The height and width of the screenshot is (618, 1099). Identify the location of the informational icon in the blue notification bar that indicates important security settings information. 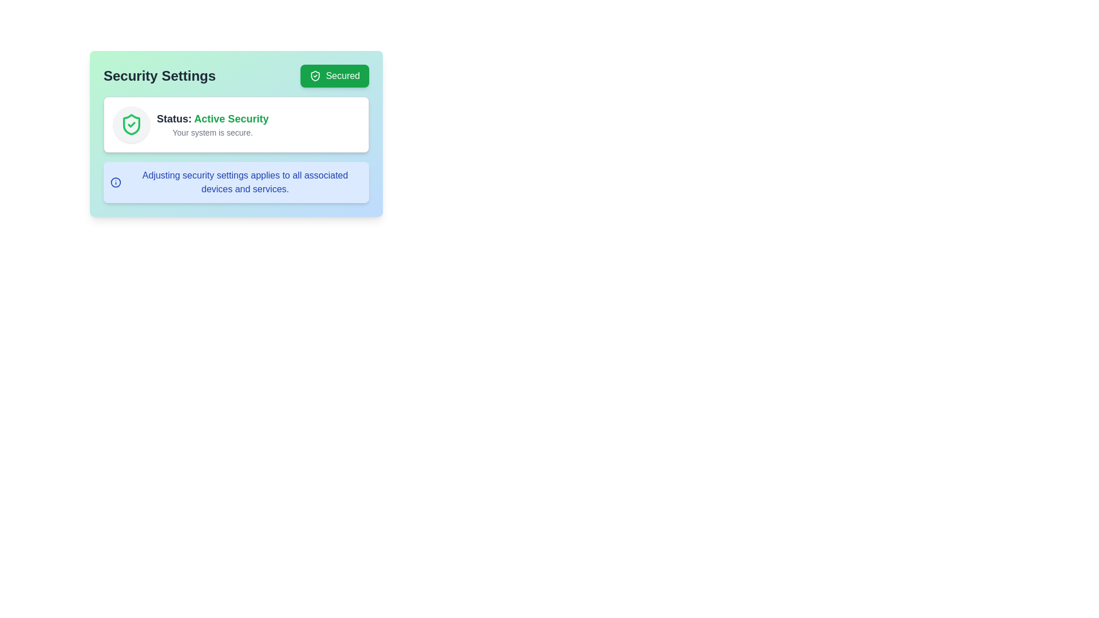
(116, 182).